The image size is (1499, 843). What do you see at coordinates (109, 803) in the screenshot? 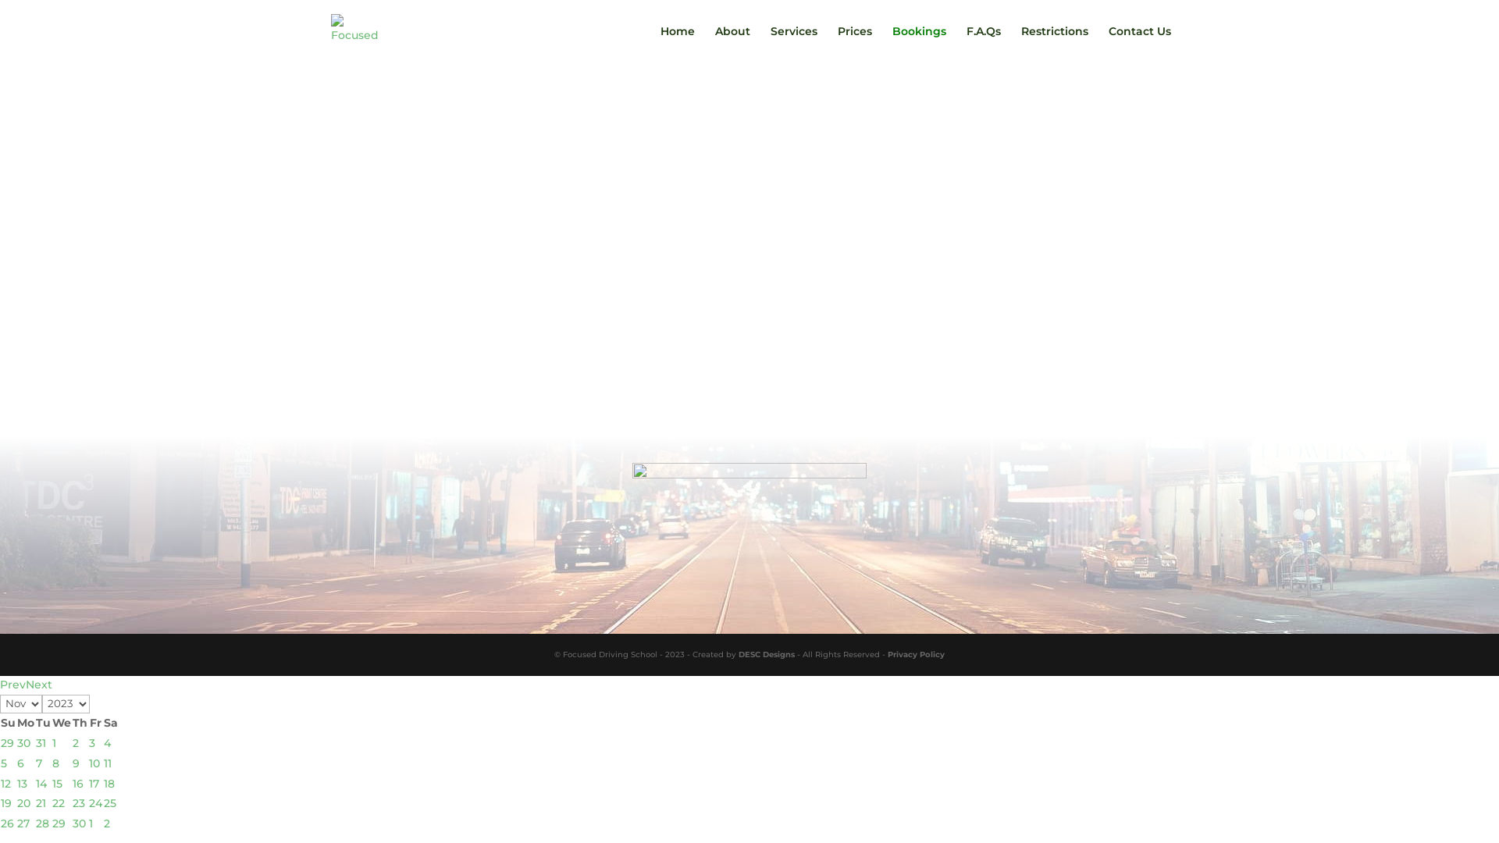
I see `'25'` at bounding box center [109, 803].